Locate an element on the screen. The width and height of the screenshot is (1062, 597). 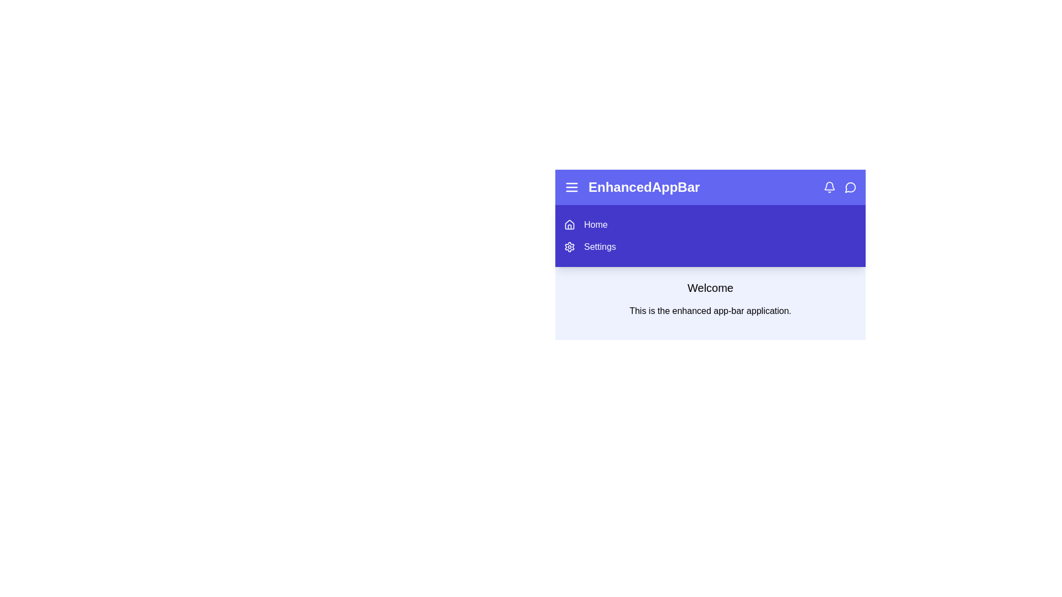
the header text 'EnhancedAppBar' is located at coordinates (644, 187).